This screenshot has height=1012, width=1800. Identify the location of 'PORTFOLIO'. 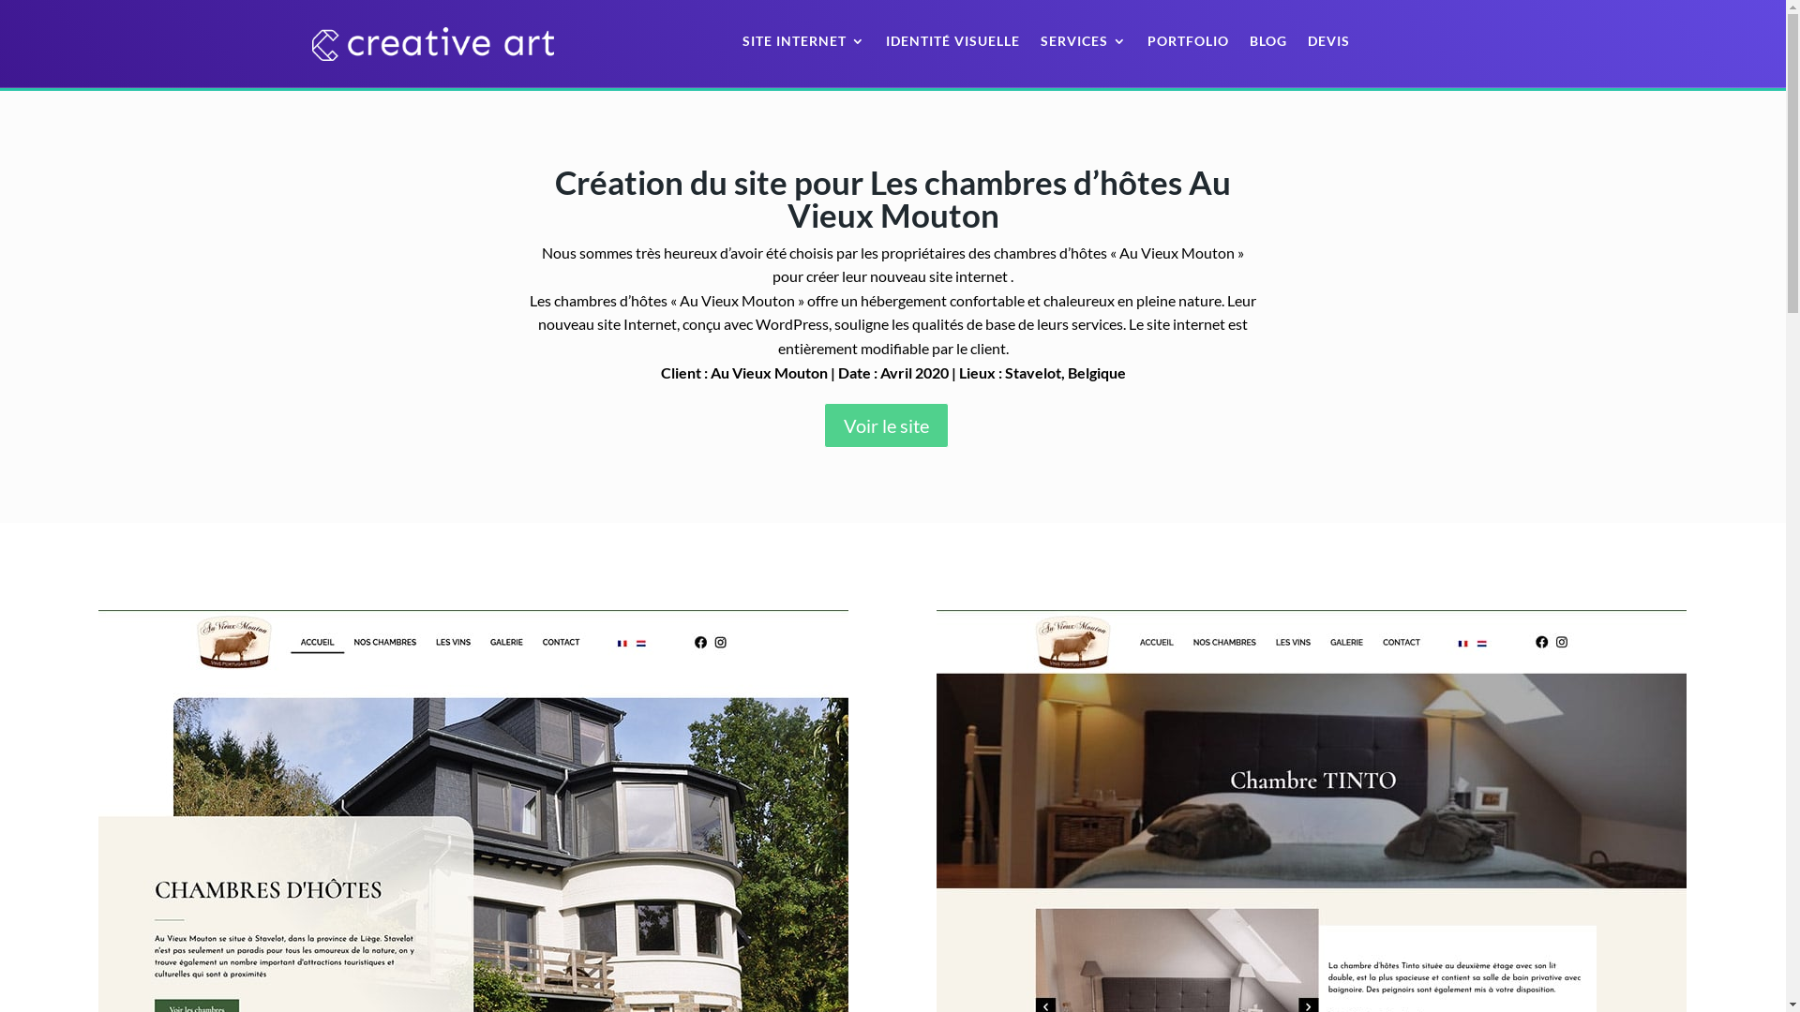
(1187, 43).